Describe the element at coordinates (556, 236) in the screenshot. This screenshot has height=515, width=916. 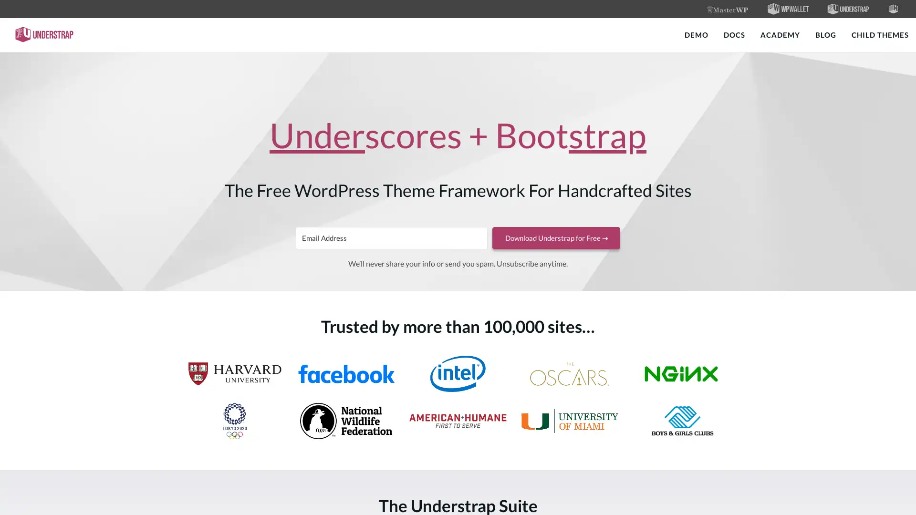
I see `Download Understrap for Free` at that location.